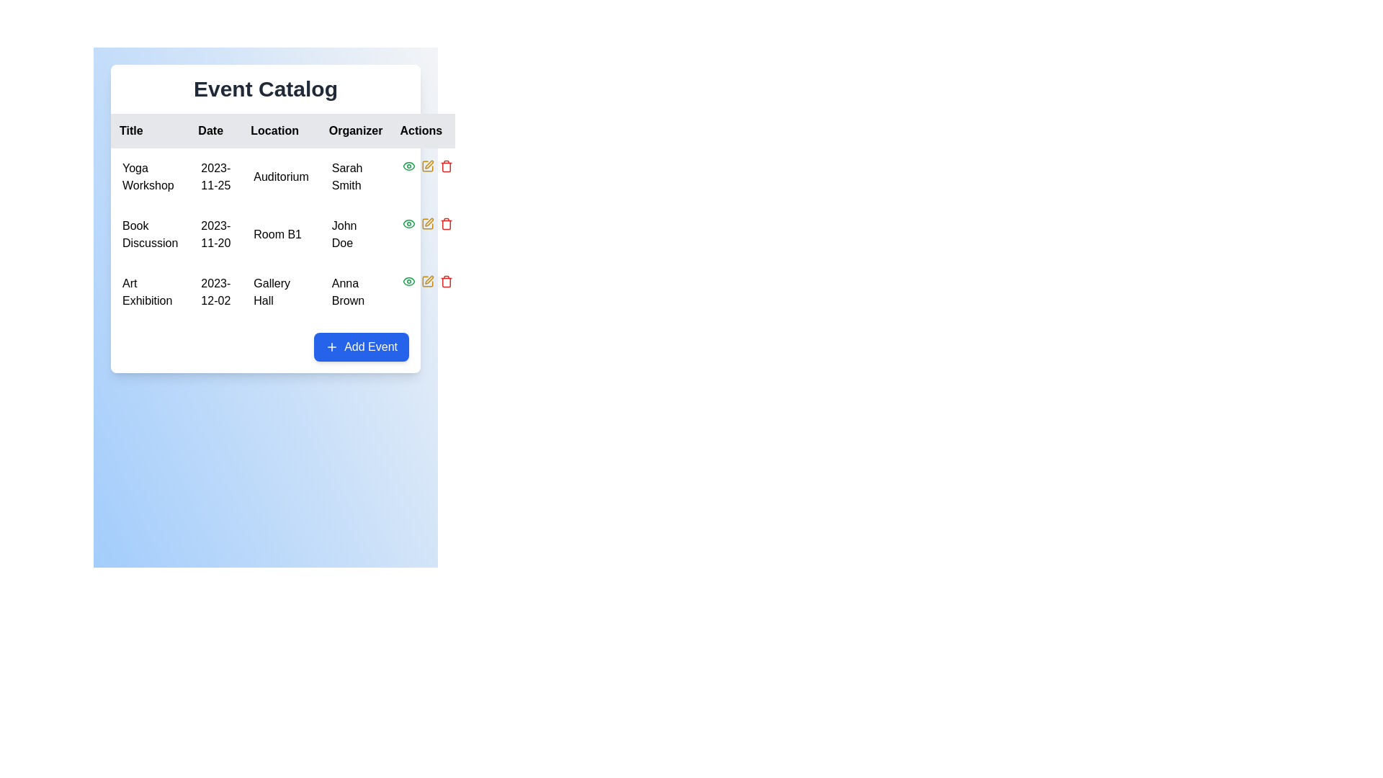  Describe the element at coordinates (215, 292) in the screenshot. I see `the static text field that indicates the date of the 'Art Exhibition', located in the middle column of the 'Art Exhibition' row in the event catalog table` at that location.